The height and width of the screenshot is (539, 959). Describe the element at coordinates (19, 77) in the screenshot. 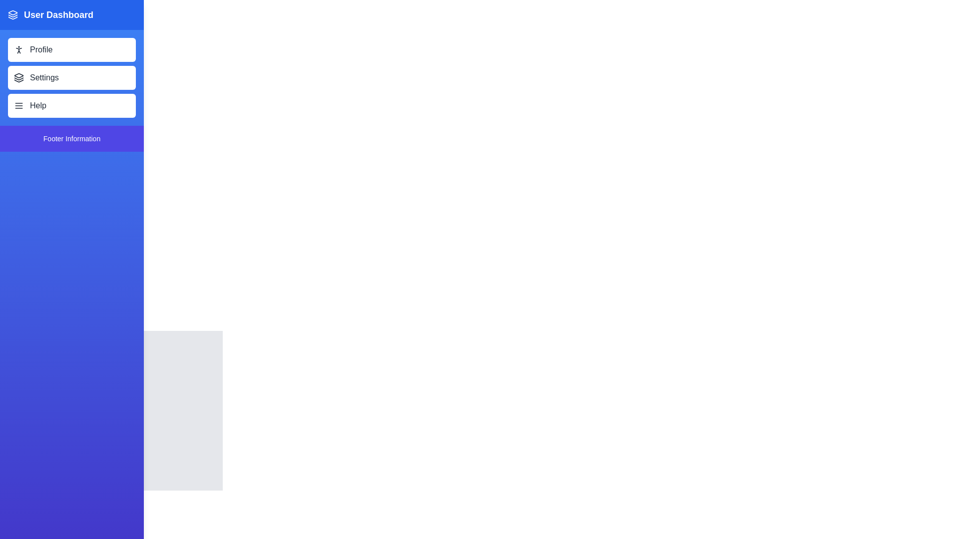

I see `the 'Settings' icon located on the left navigation panel, which is styled with three overlapping layers in a monochromatic dark shade` at that location.